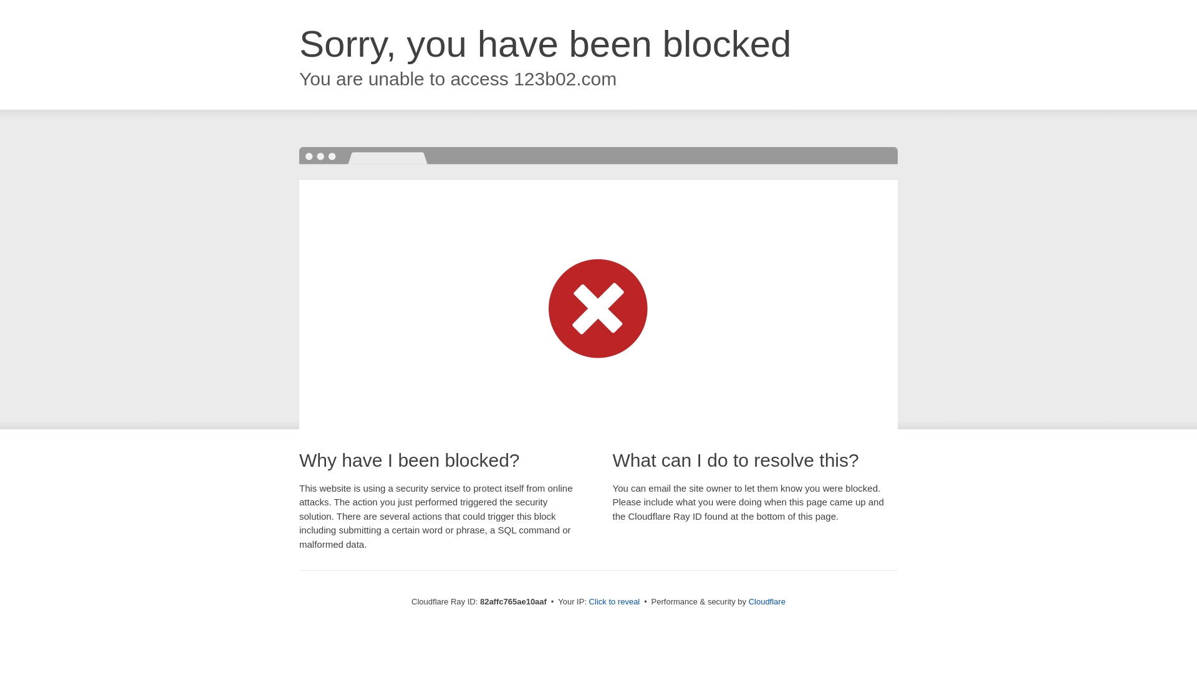 Image resolution: width=1197 pixels, height=673 pixels. What do you see at coordinates (614, 601) in the screenshot?
I see `'Click to reveal'` at bounding box center [614, 601].